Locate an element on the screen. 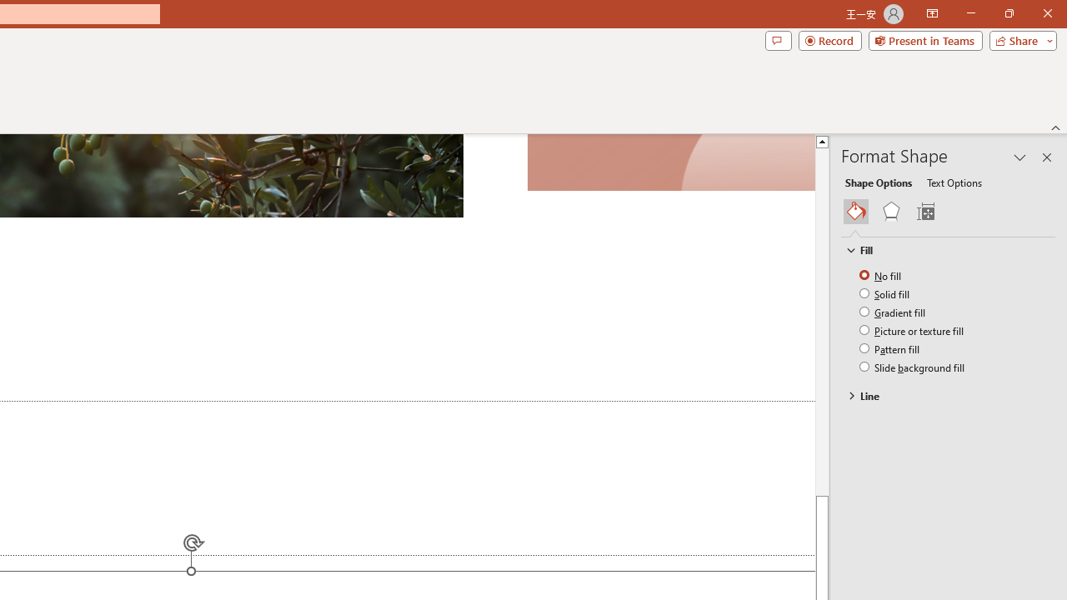 The width and height of the screenshot is (1067, 600). 'Slide background fill' is located at coordinates (912, 366).